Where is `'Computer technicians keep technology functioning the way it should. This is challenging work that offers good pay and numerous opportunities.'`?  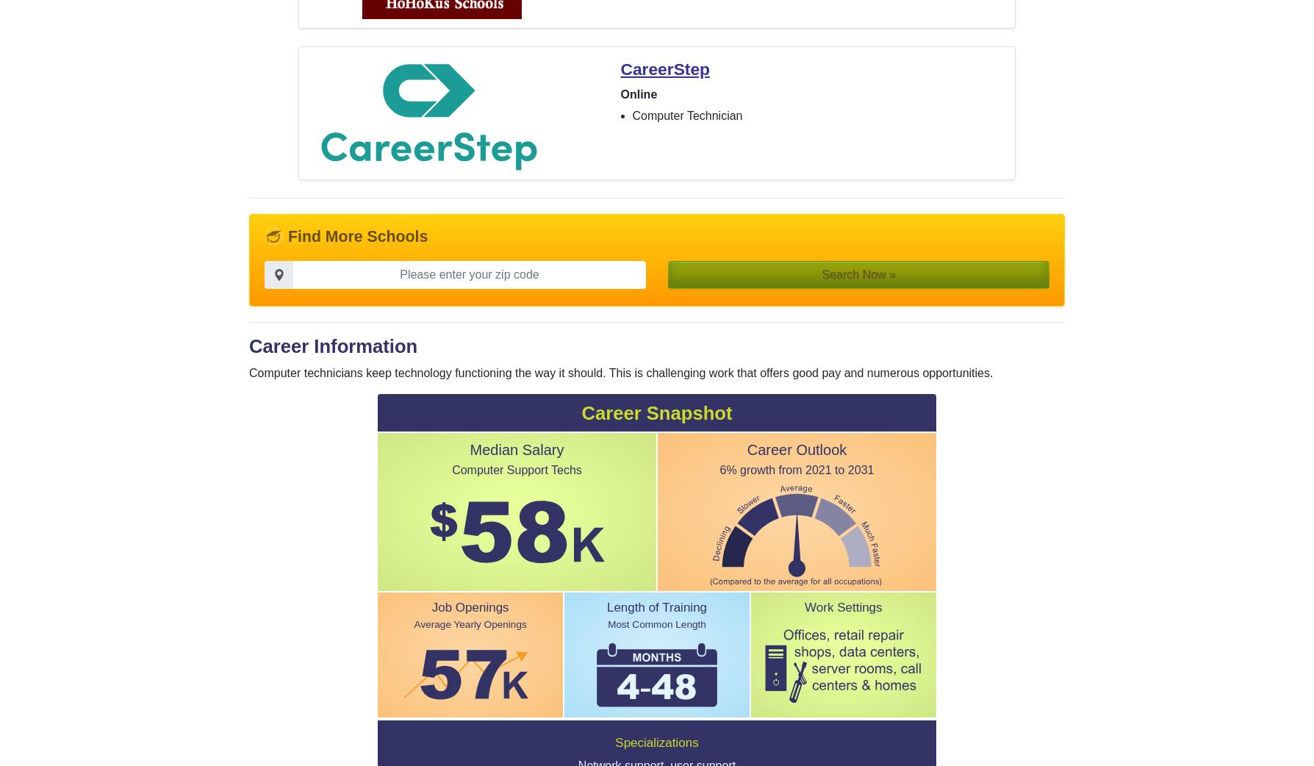
'Computer technicians keep technology functioning the way it should. This is challenging work that offers good pay and numerous opportunities.' is located at coordinates (620, 373).